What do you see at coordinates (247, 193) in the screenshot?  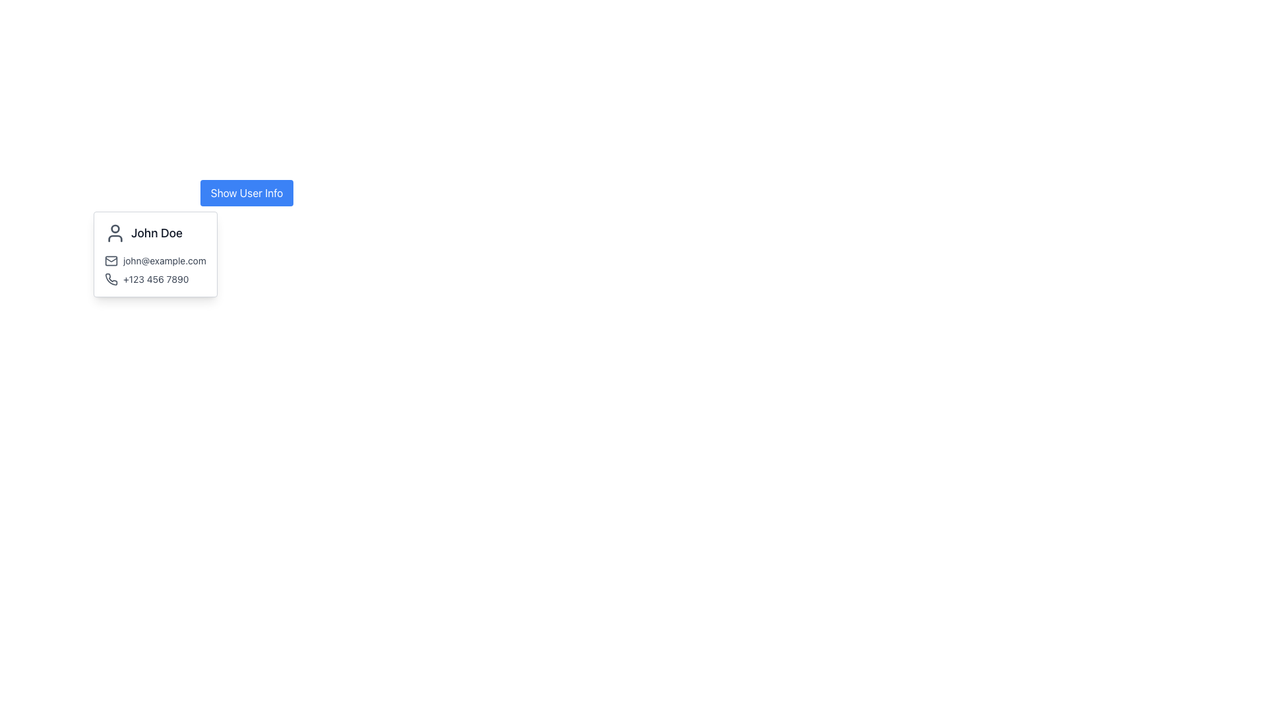 I see `the button that toggles or displays the user's detailed information for keyboard navigation` at bounding box center [247, 193].